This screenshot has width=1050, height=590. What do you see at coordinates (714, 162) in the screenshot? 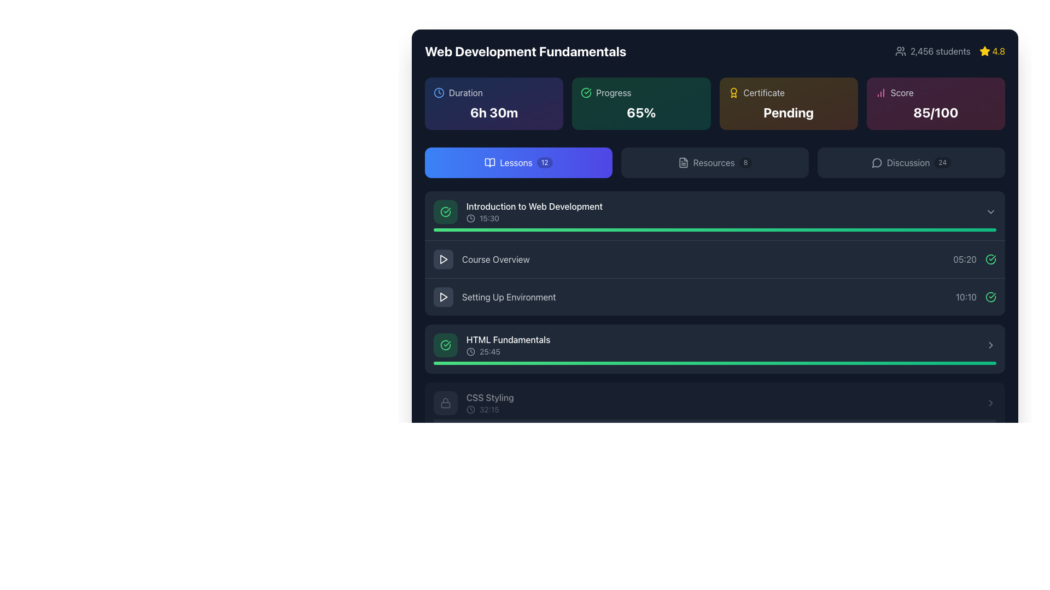
I see `the navigational text label for 'Resources' located in the horizontal navigation bar, positioned between 'Lessons' and 'Discussion'` at bounding box center [714, 162].